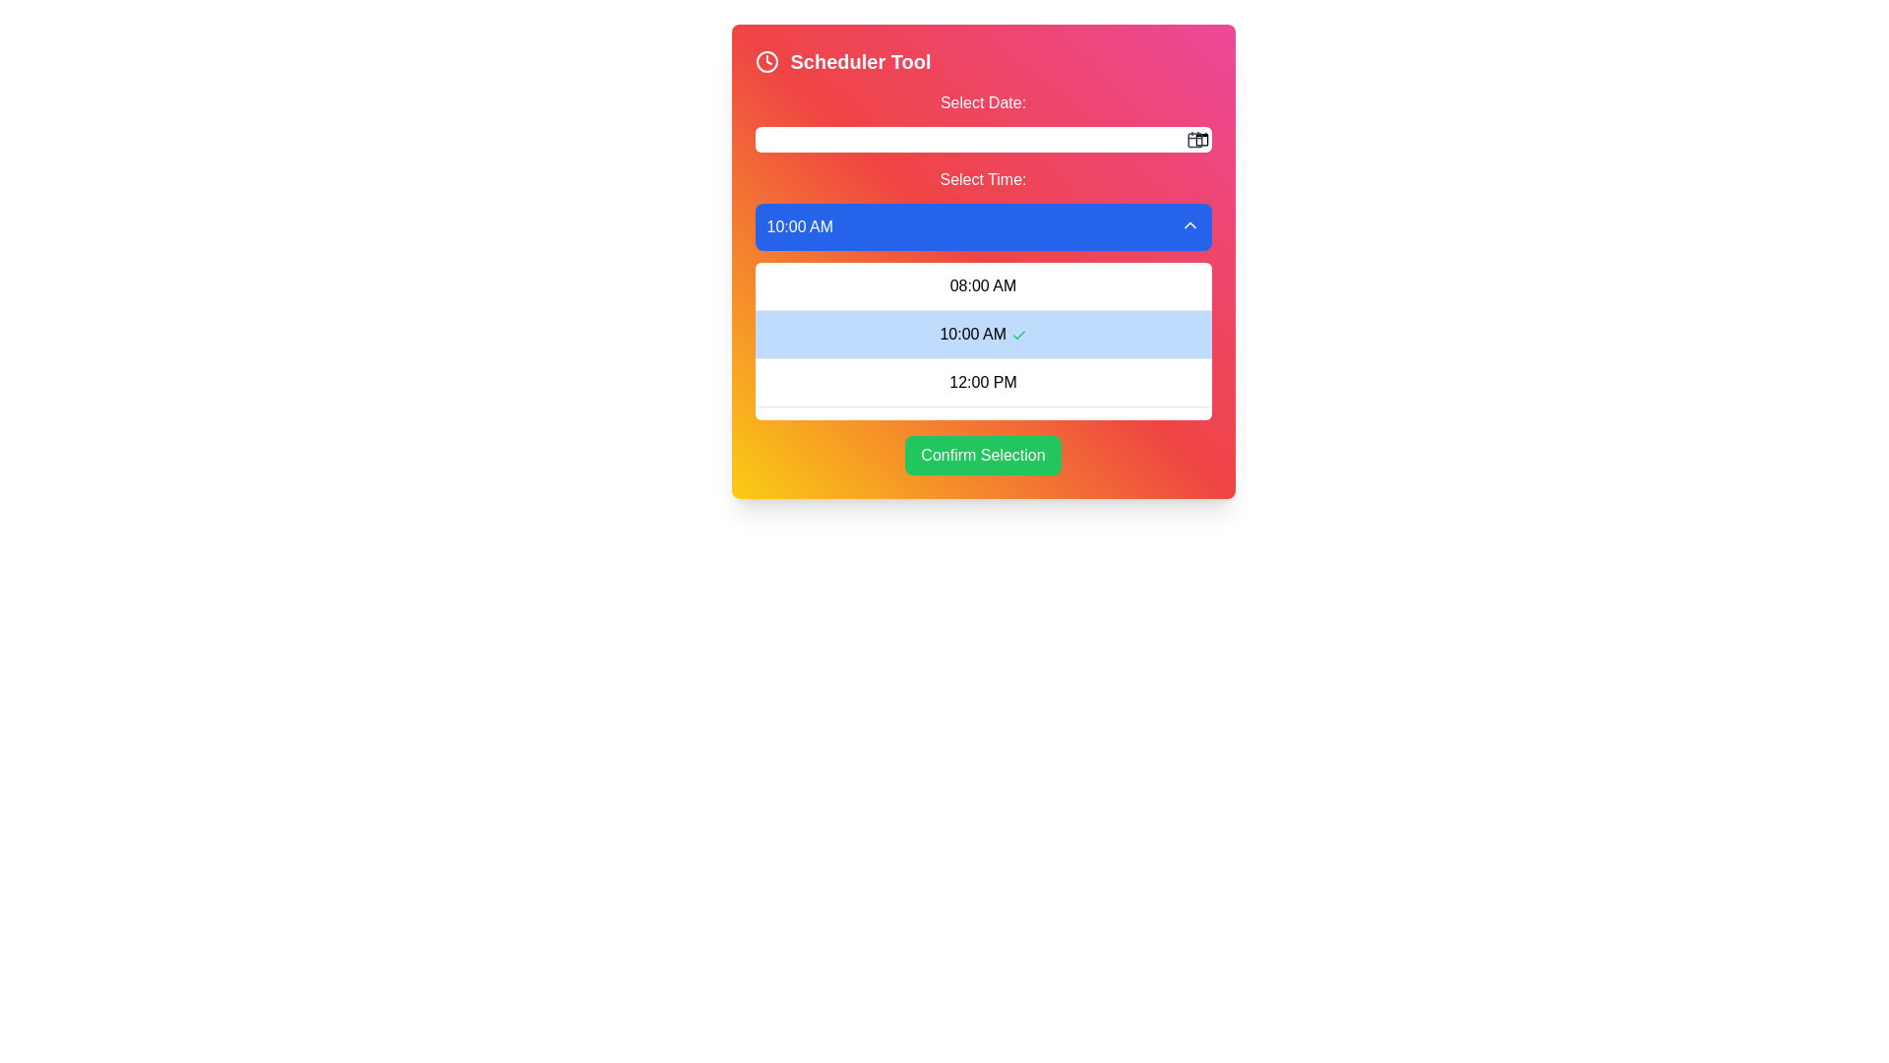 Image resolution: width=1889 pixels, height=1063 pixels. What do you see at coordinates (800, 226) in the screenshot?
I see `the static text label displaying '10:00 AM', which indicates the currently selected time option in the time selection dropdown, located to the left of the dropdown arrow icon` at bounding box center [800, 226].